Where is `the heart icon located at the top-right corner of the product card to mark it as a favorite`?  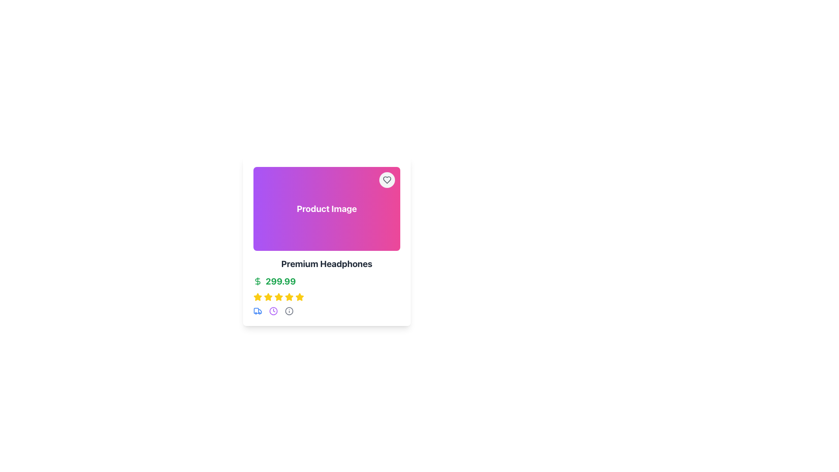 the heart icon located at the top-right corner of the product card to mark it as a favorite is located at coordinates (387, 180).